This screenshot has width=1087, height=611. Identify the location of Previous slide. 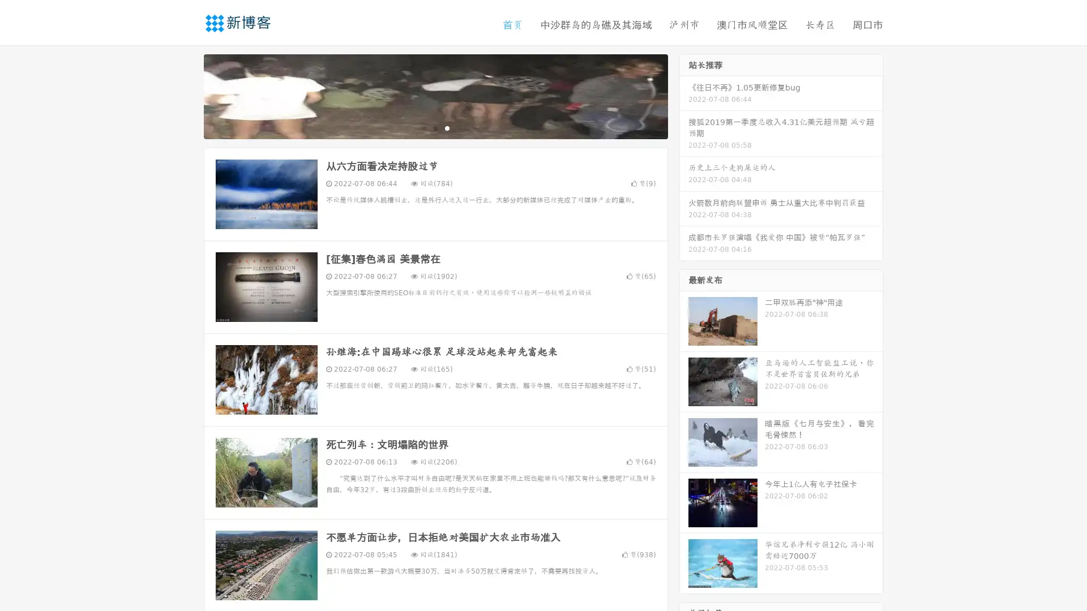
(187, 95).